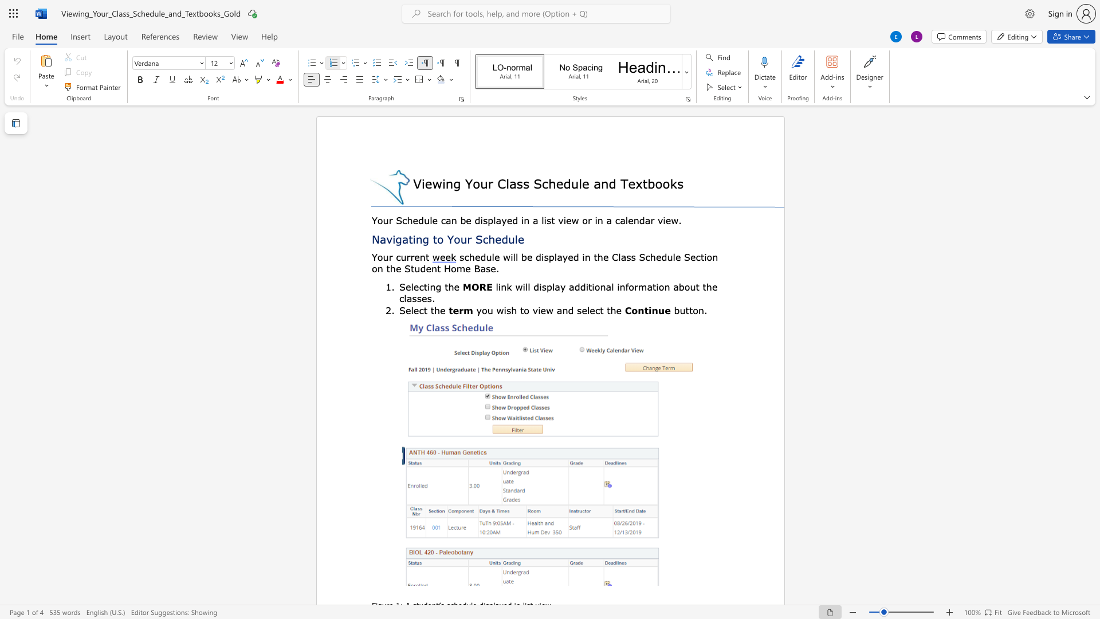 The image size is (1100, 619). I want to click on the 1th character "t" in the text, so click(427, 256).